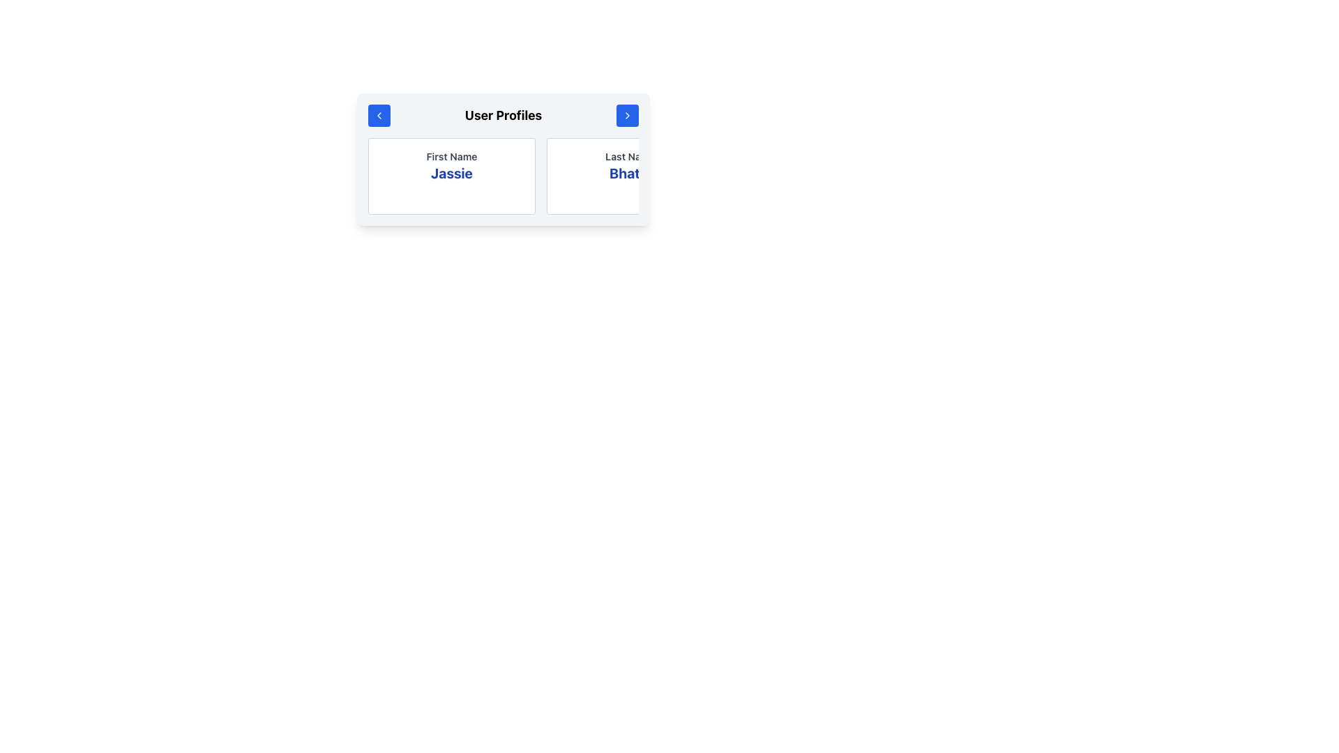 Image resolution: width=1339 pixels, height=753 pixels. Describe the element at coordinates (379, 114) in the screenshot. I see `the chevron-shaped arrow icon pointing to the left, which has a blue background and white lines, located in the 'User Profiles' panel` at that location.